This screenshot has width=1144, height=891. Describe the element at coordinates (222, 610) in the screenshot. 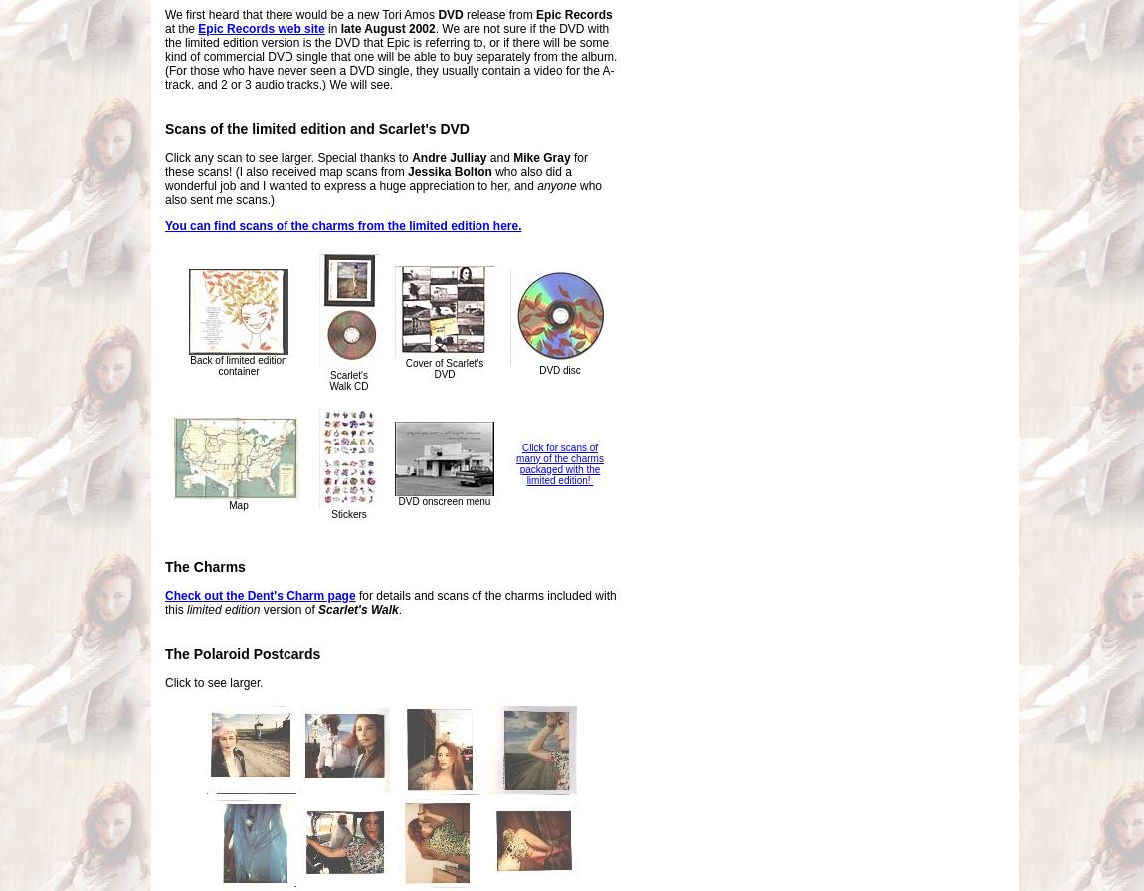

I see `'limited edition'` at that location.